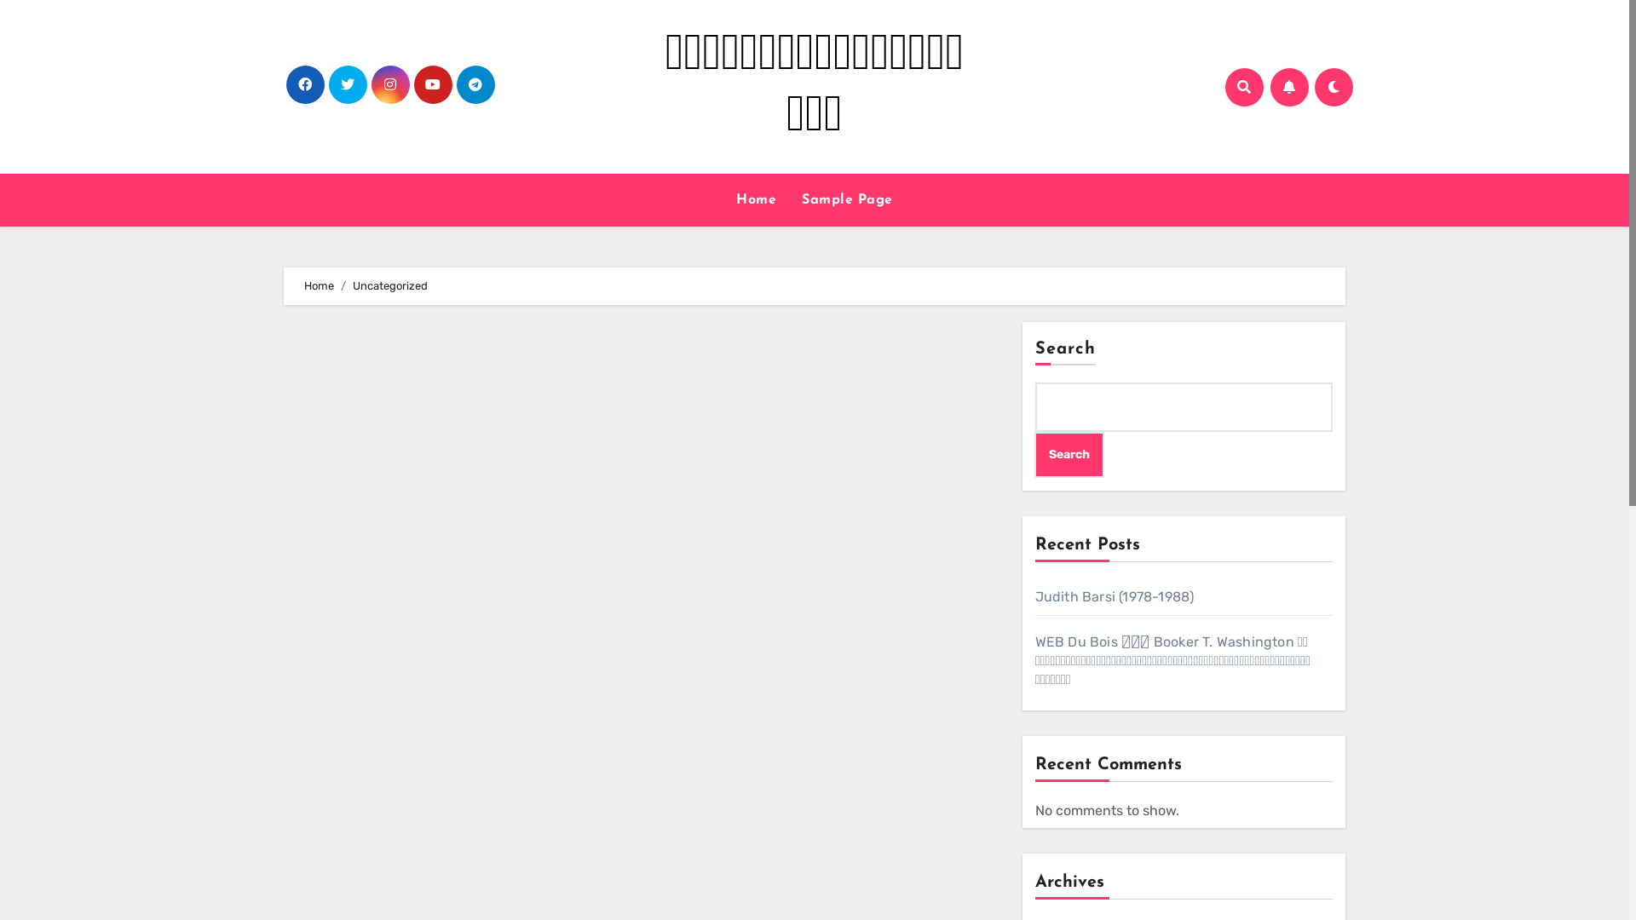  Describe the element at coordinates (847, 199) in the screenshot. I see `'Sample Page'` at that location.